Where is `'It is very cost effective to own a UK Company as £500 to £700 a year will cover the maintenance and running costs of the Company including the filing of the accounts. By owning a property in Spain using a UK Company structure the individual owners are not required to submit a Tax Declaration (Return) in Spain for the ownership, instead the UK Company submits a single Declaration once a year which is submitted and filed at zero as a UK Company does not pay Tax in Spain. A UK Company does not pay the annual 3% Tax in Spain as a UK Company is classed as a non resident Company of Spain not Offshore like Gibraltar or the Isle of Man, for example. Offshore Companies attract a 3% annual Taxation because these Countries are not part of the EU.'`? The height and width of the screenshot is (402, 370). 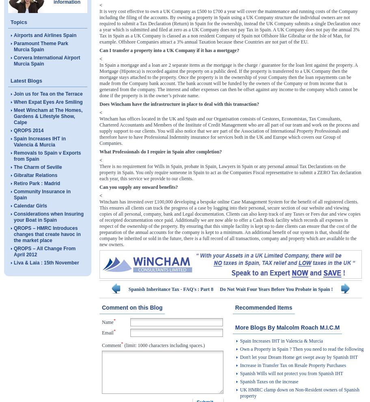 'It is very cost effective to own a UK Company as £500 to £700 a year will cover the maintenance and running costs of the Company including the filing of the accounts. By owning a property in Spain using a UK Company structure the individual owners are not required to submit a Tax Declaration (Return) in Spain for the ownership, instead the UK Company submits a single Declaration once a year which is submitted and filed at zero as a UK Company does not pay Tax in Spain. A UK Company does not pay the annual 3% Tax in Spain as a UK Company is classed as a non resident Company of Spain not Offshore like Gibraltar or the Isle of Man, for example. Offshore Companies attract a 3% annual Taxation because these Countries are not part of the EU.' is located at coordinates (230, 26).